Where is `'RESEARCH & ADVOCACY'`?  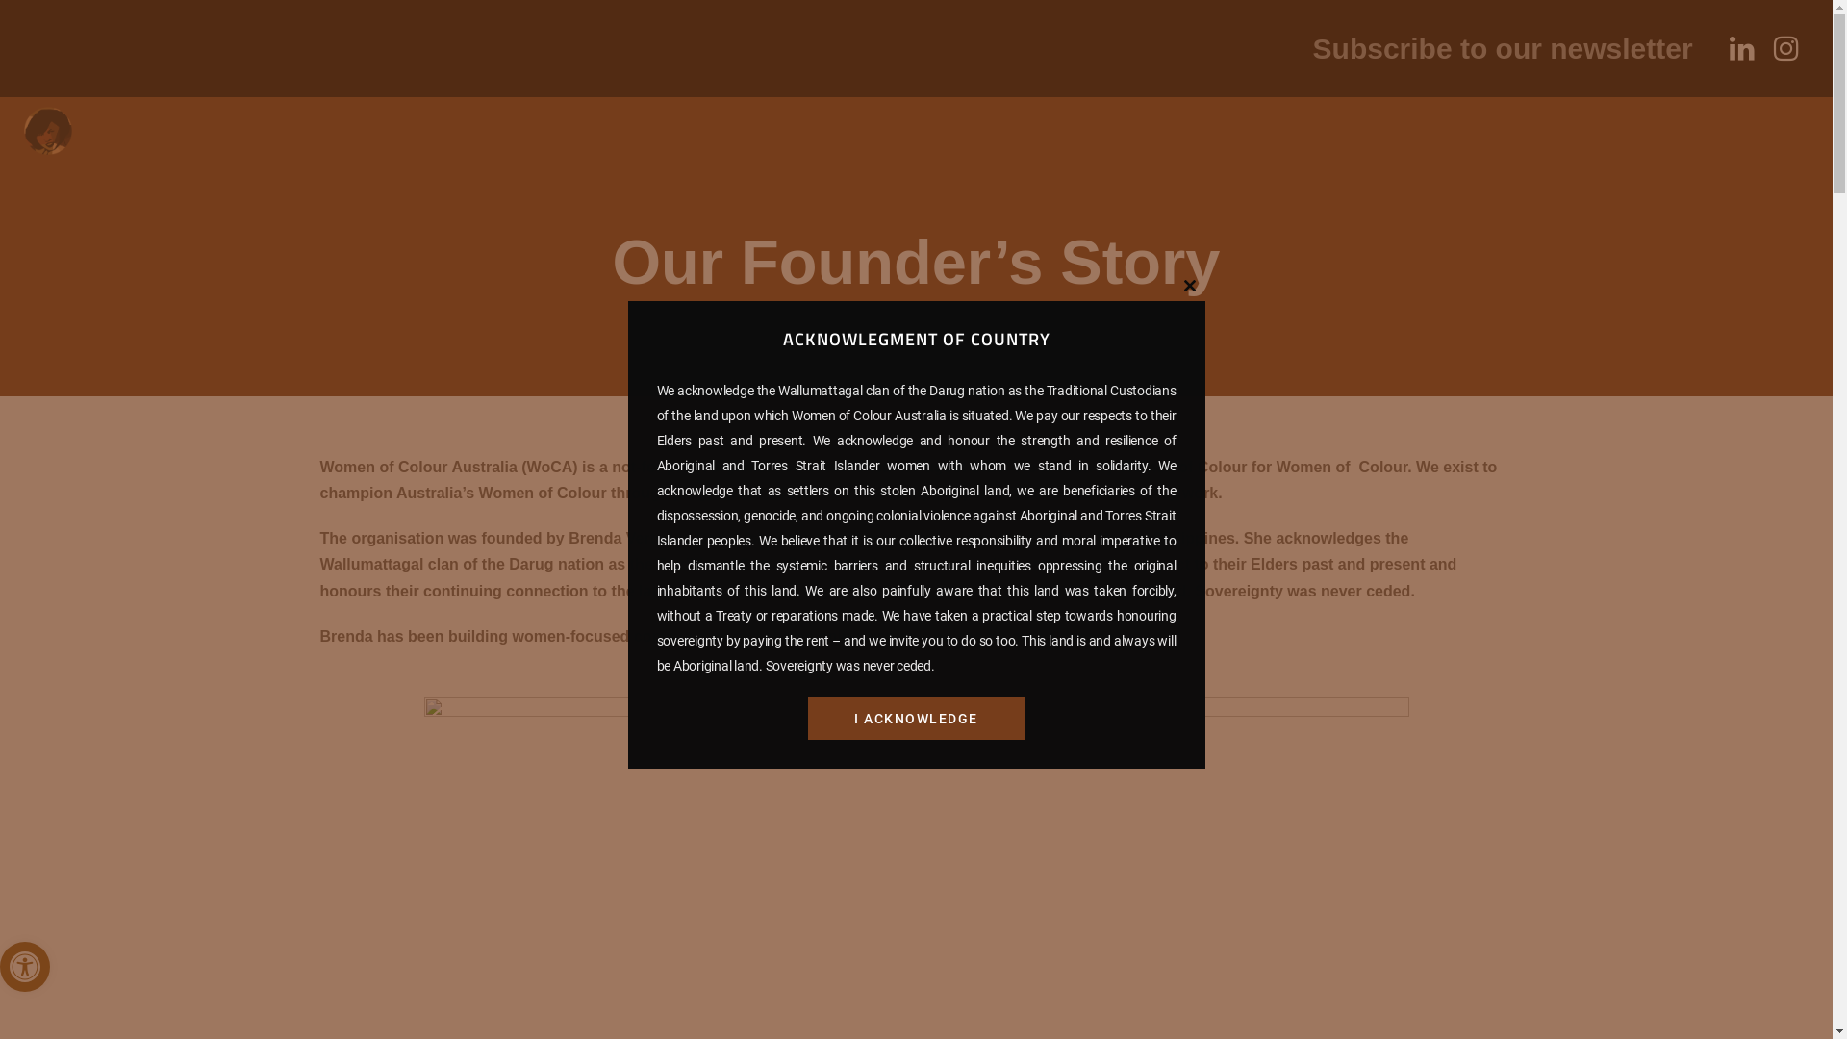 'RESEARCH & ADVOCACY' is located at coordinates (720, 142).